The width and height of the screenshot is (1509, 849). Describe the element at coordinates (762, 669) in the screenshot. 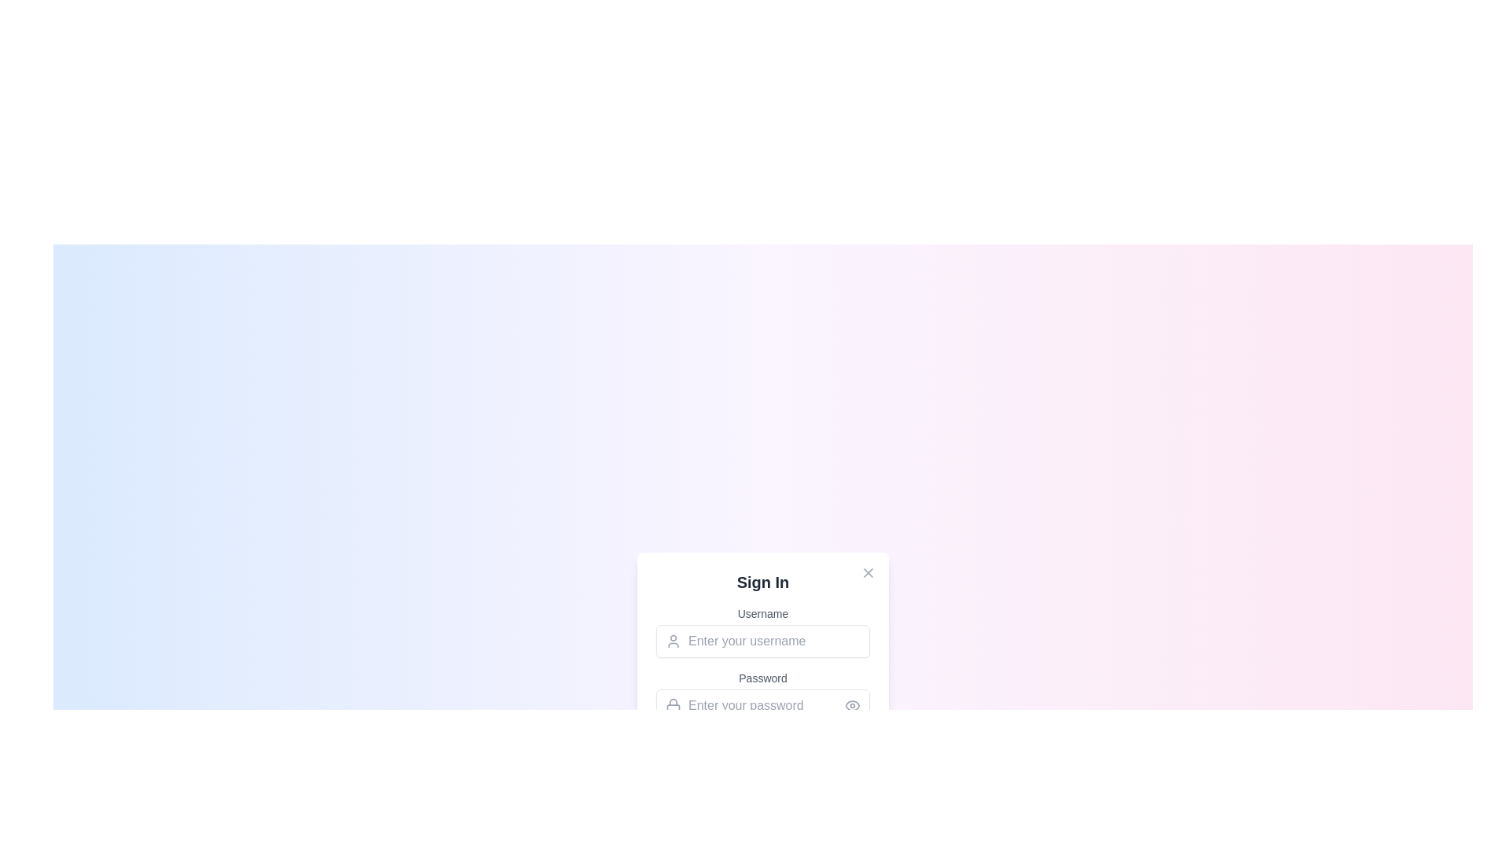

I see `the 'Password' label, which displays small gray text and is positioned above the password input field in the sign-in form` at that location.